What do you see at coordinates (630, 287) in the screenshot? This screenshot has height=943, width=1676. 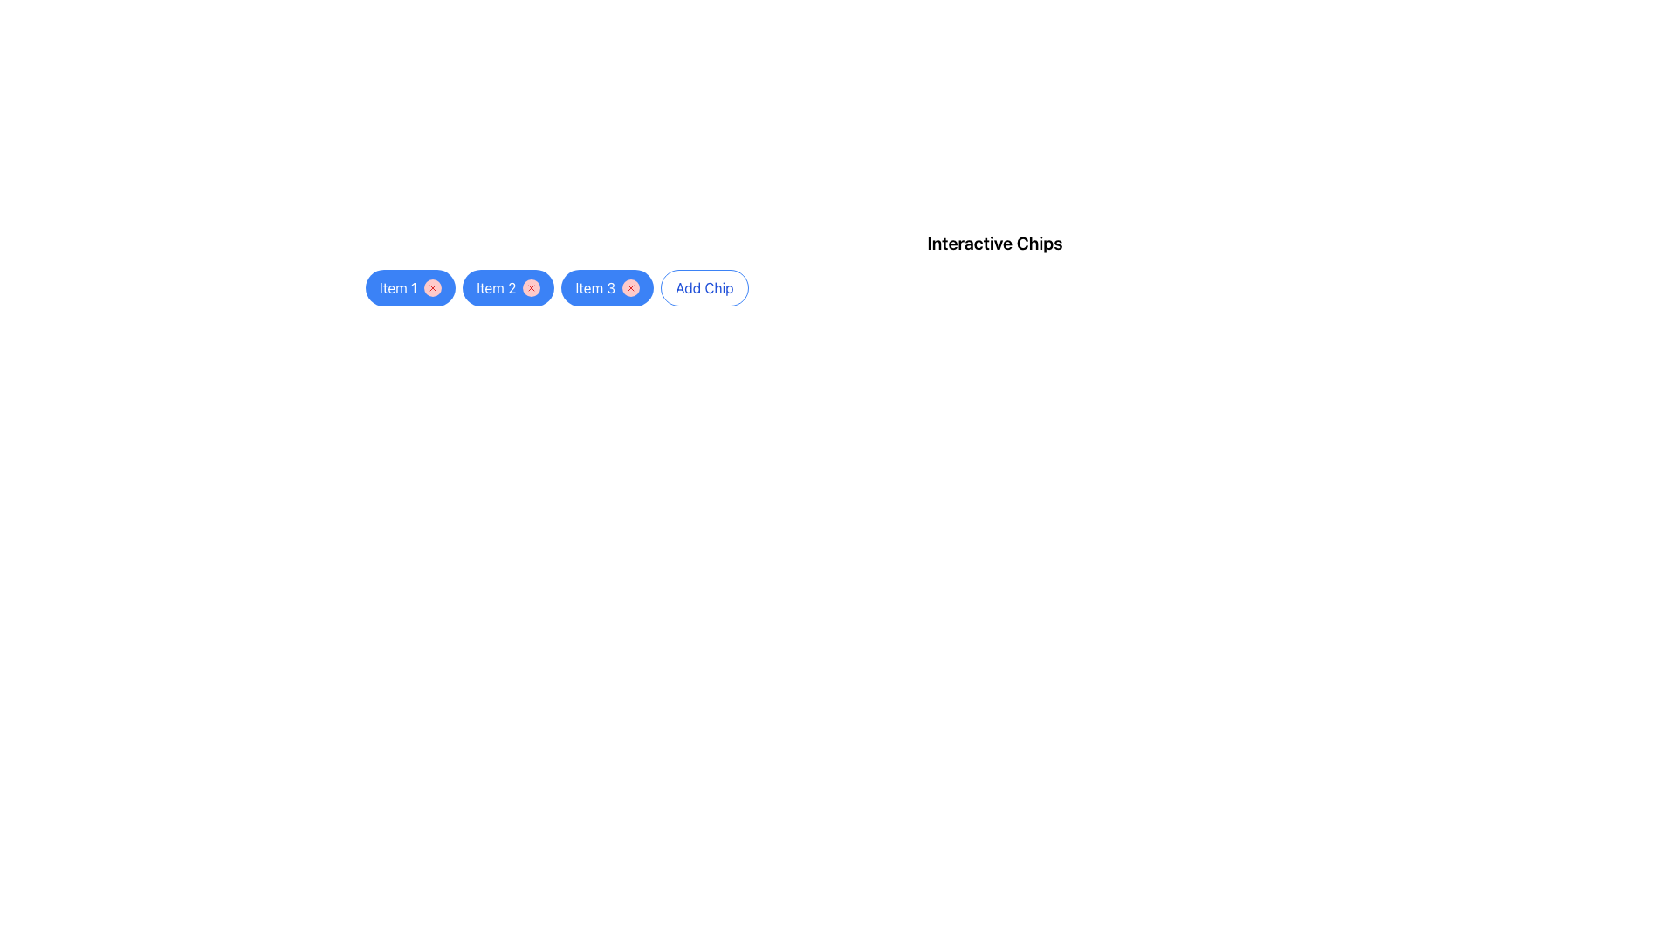 I see `the delete button represented as an 'X' icon associated with 'Item 3'` at bounding box center [630, 287].